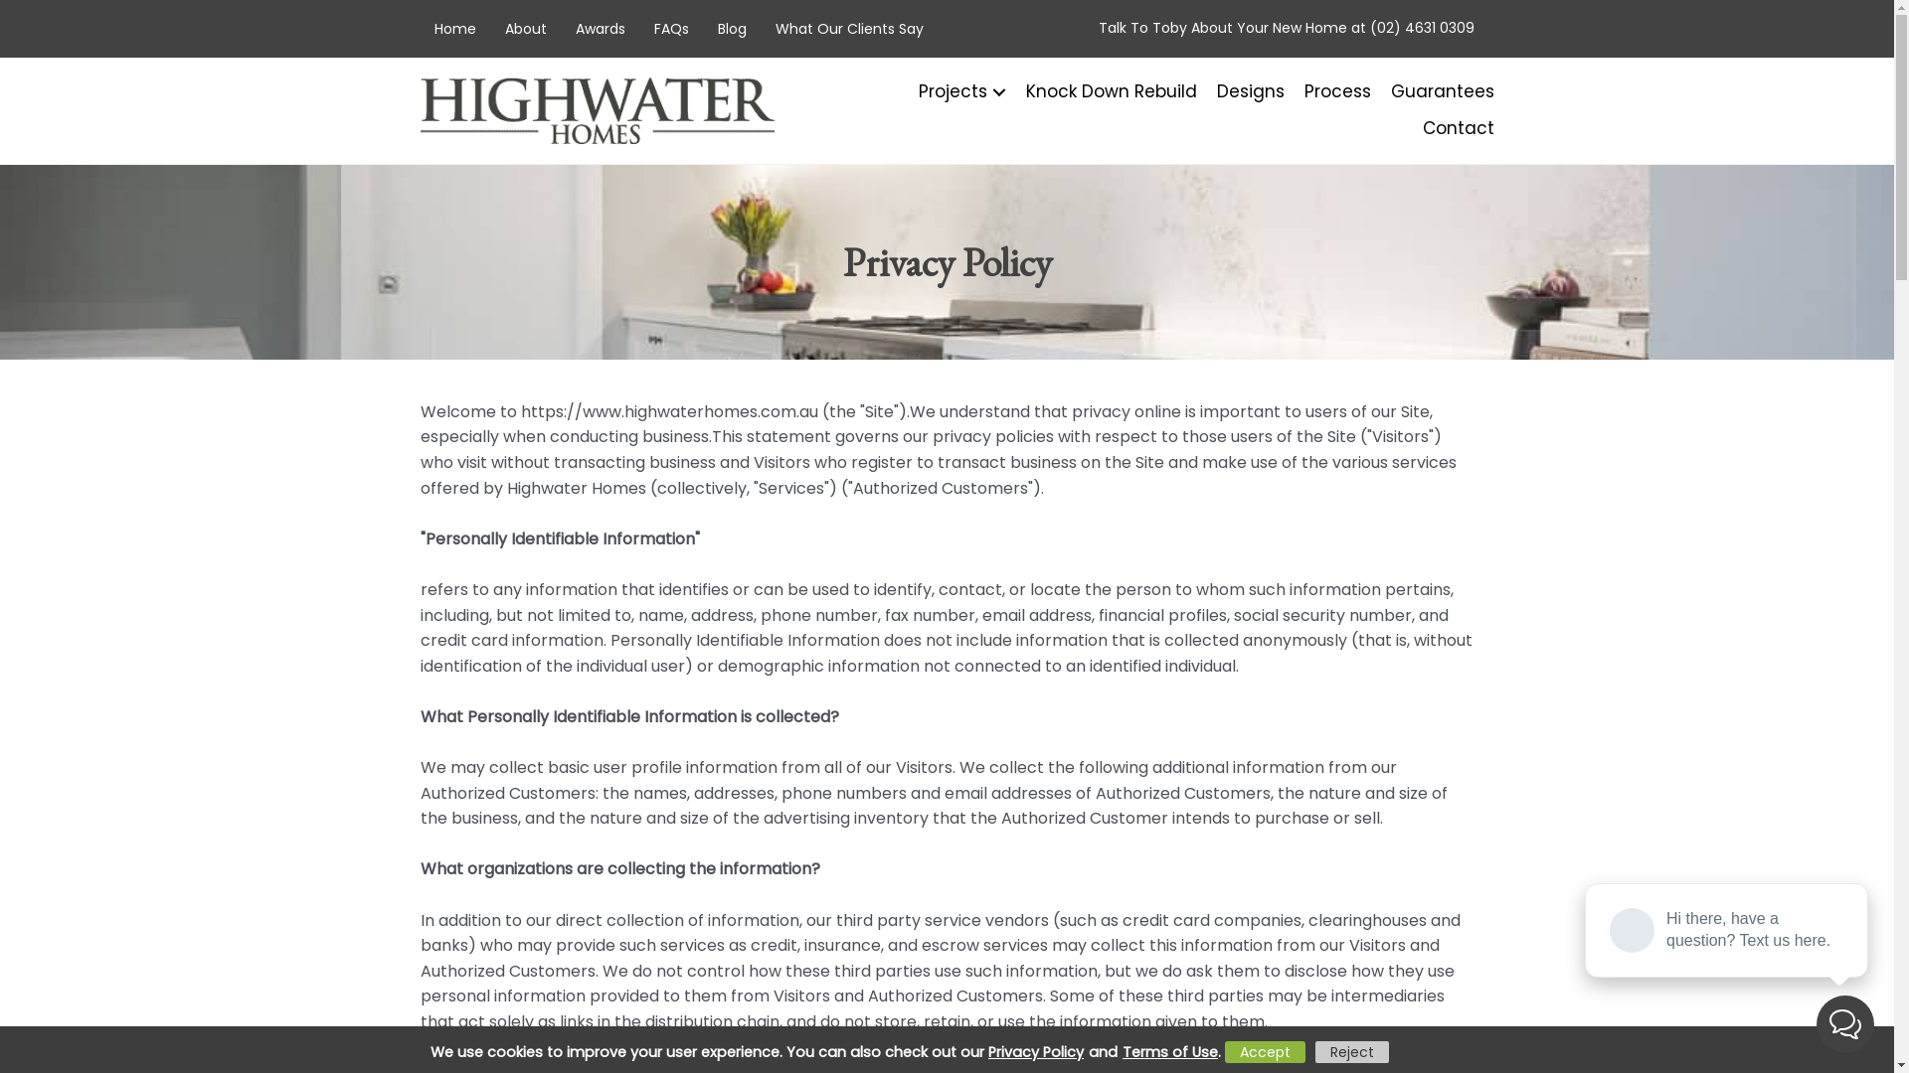 This screenshot has width=1909, height=1073. What do you see at coordinates (1326, 91) in the screenshot?
I see `'Process'` at bounding box center [1326, 91].